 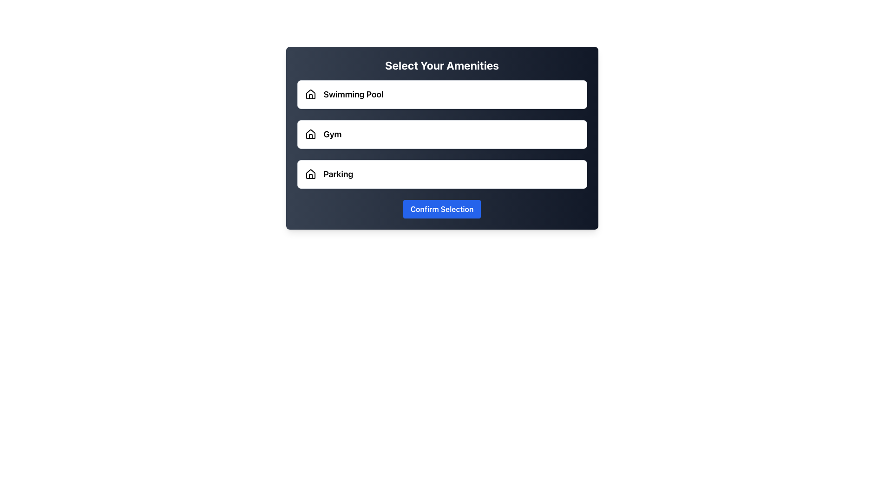 I want to click on the house icon with a black outline and empty fill, located at the top left of the 'Swimming Pool' option, so click(x=310, y=95).